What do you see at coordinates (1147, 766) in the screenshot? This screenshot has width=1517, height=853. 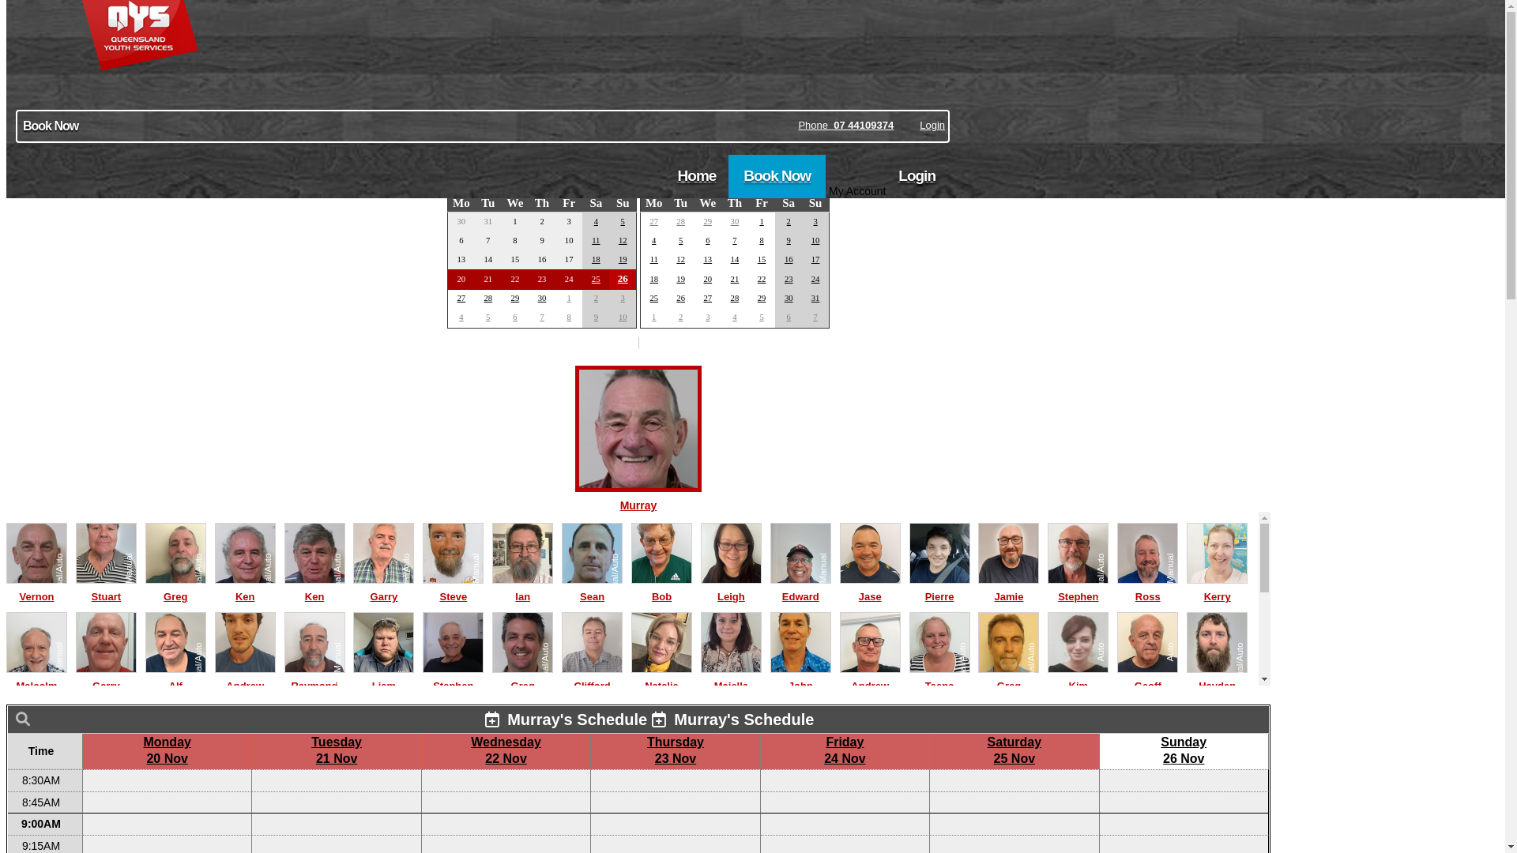 I see `'Rowena` at bounding box center [1147, 766].